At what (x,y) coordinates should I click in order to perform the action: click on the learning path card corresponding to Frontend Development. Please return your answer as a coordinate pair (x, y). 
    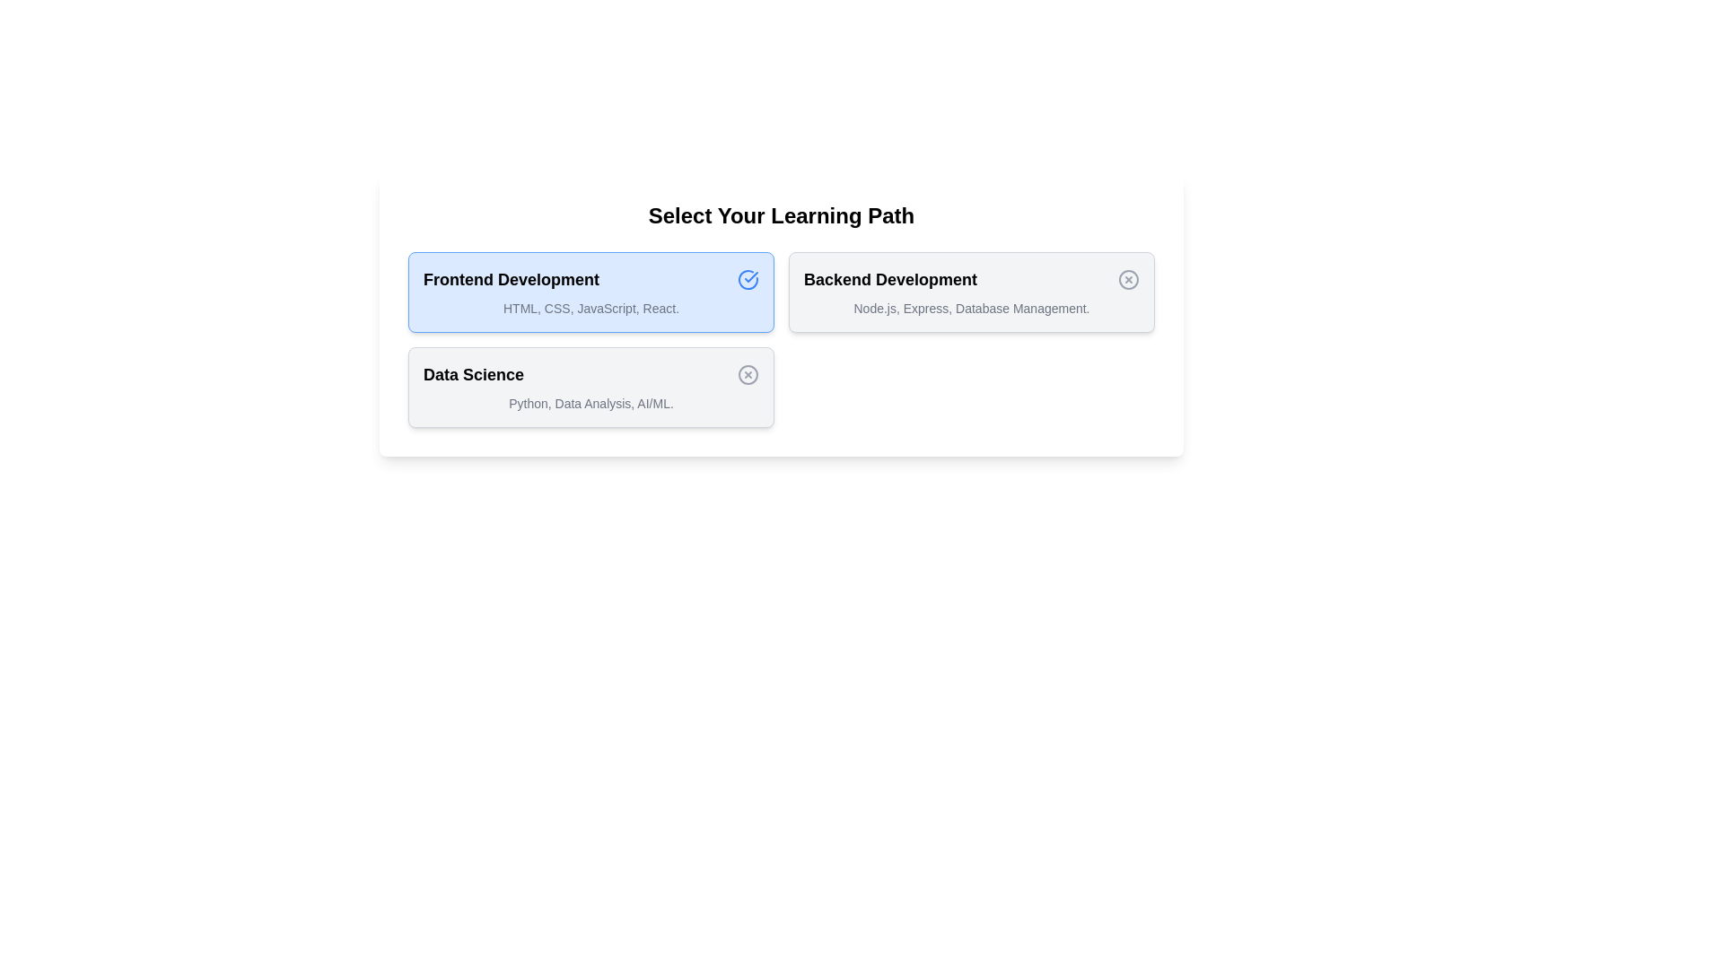
    Looking at the image, I should click on (590, 292).